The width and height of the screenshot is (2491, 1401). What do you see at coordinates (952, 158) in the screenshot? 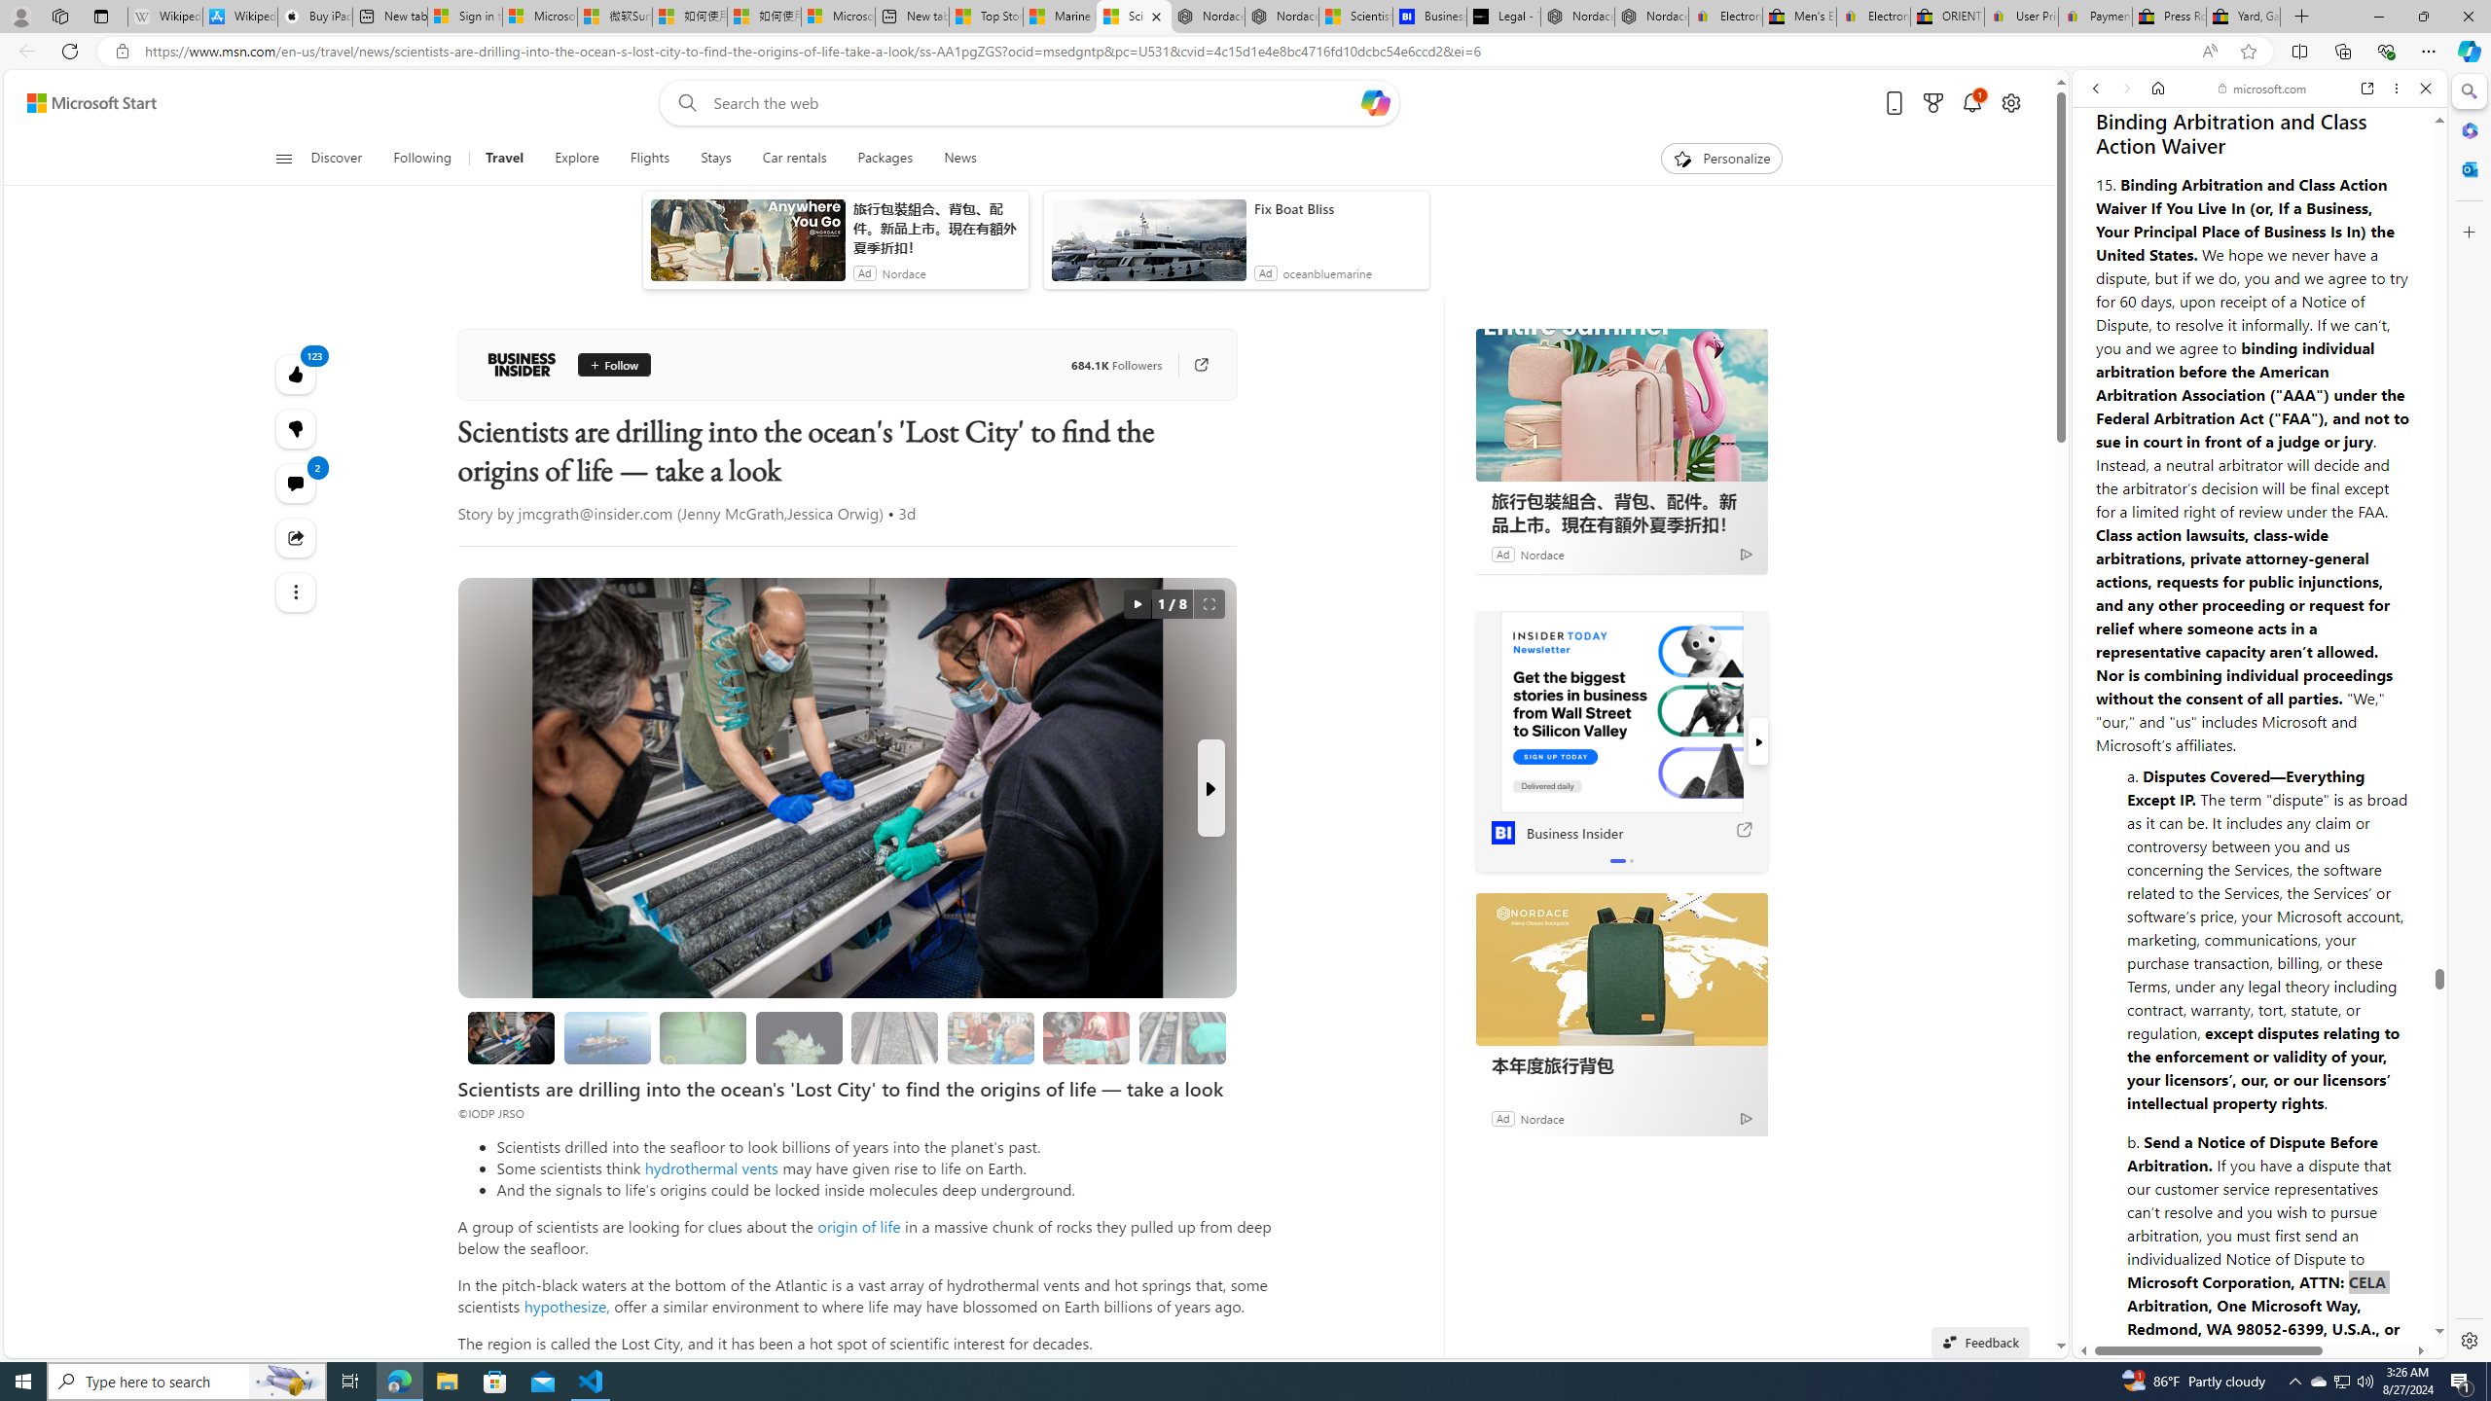
I see `'News'` at bounding box center [952, 158].